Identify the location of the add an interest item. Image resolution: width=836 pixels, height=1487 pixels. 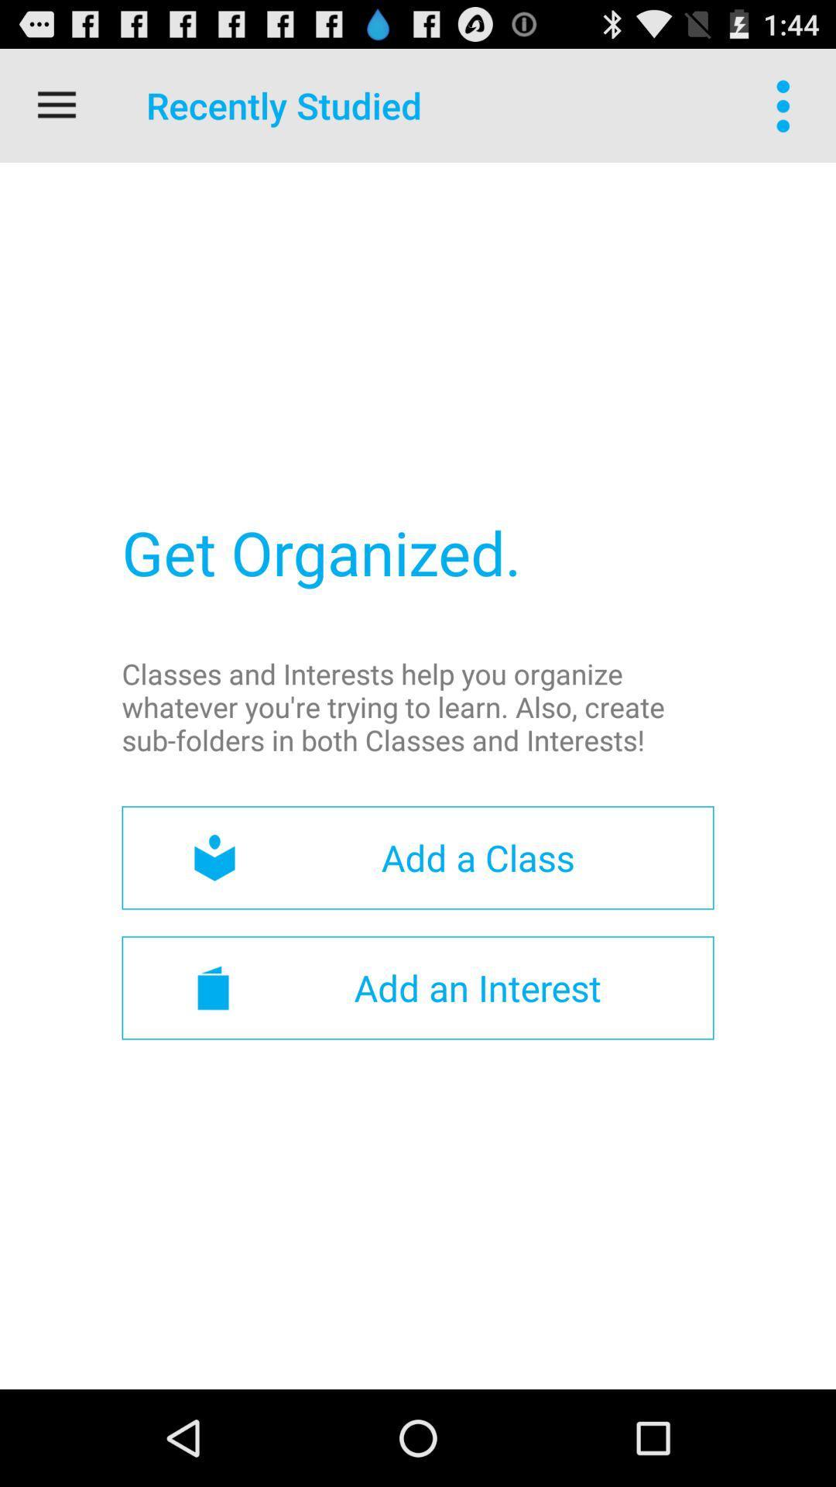
(418, 987).